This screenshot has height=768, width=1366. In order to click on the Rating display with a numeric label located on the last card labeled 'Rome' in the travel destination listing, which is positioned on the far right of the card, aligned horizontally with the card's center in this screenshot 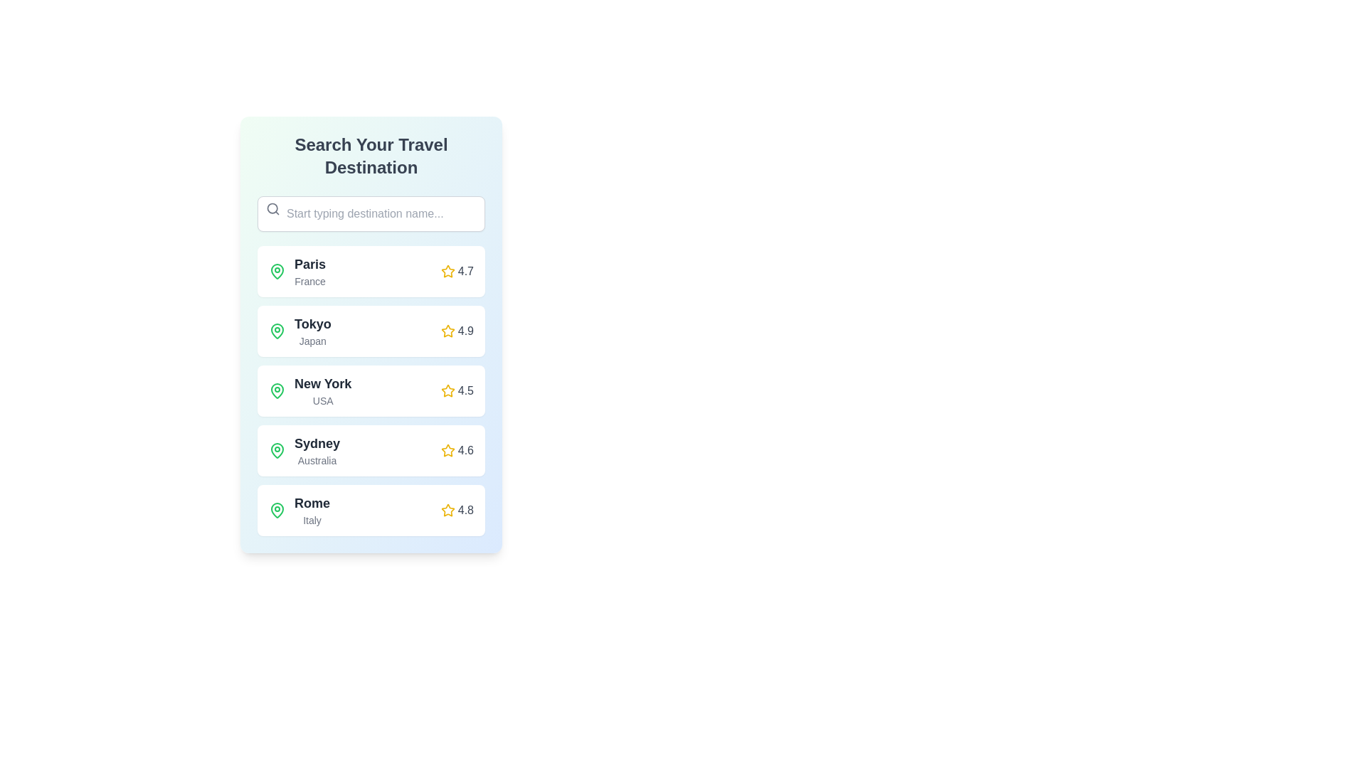, I will do `click(457, 509)`.